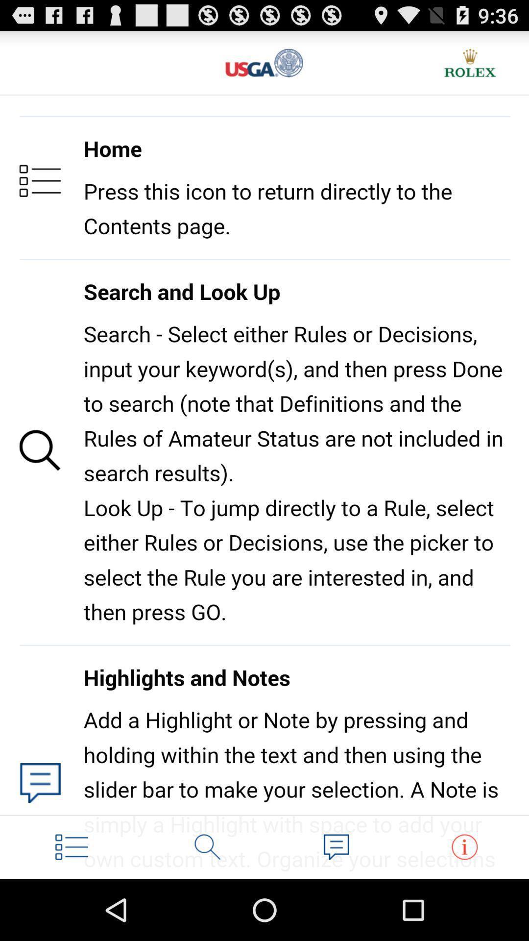 The width and height of the screenshot is (529, 941). Describe the element at coordinates (264, 62) in the screenshot. I see `usga latest golf rules` at that location.